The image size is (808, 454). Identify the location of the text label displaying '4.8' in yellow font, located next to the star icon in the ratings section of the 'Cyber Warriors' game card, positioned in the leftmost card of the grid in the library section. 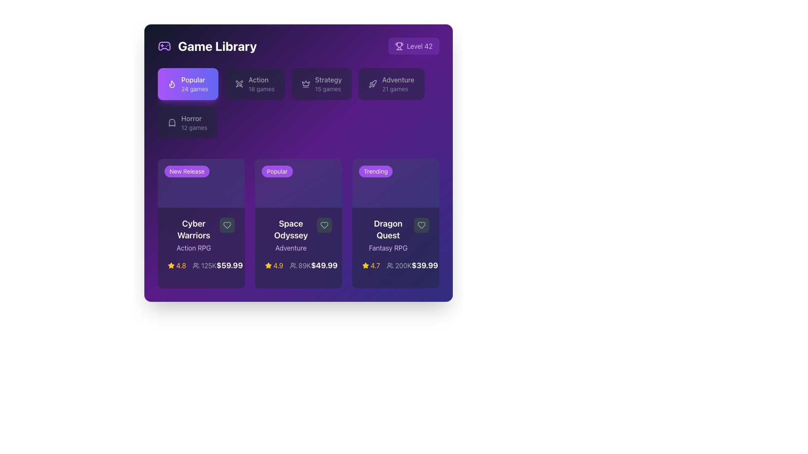
(181, 266).